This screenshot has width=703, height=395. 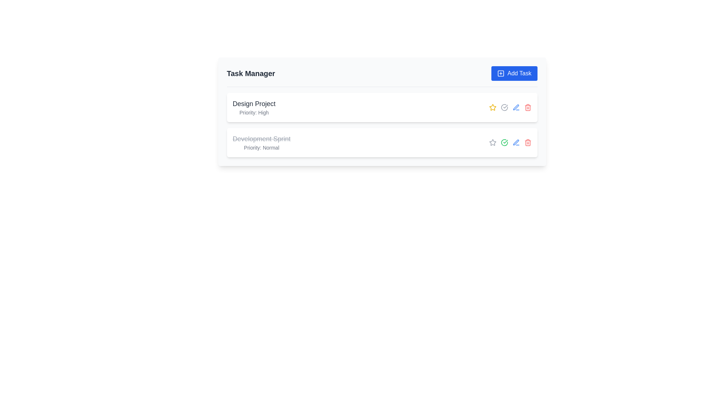 I want to click on the red trashcan icon, the last icon in a set of four aligned to the right of the 'Design Project' task item, so click(x=528, y=107).